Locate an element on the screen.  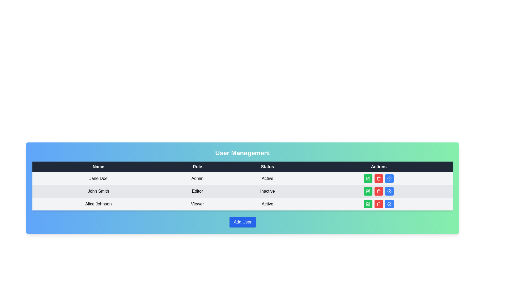
the delete button, which is the second button in a horizontal set of action buttons on the right-hand side of the interface is located at coordinates (378, 204).